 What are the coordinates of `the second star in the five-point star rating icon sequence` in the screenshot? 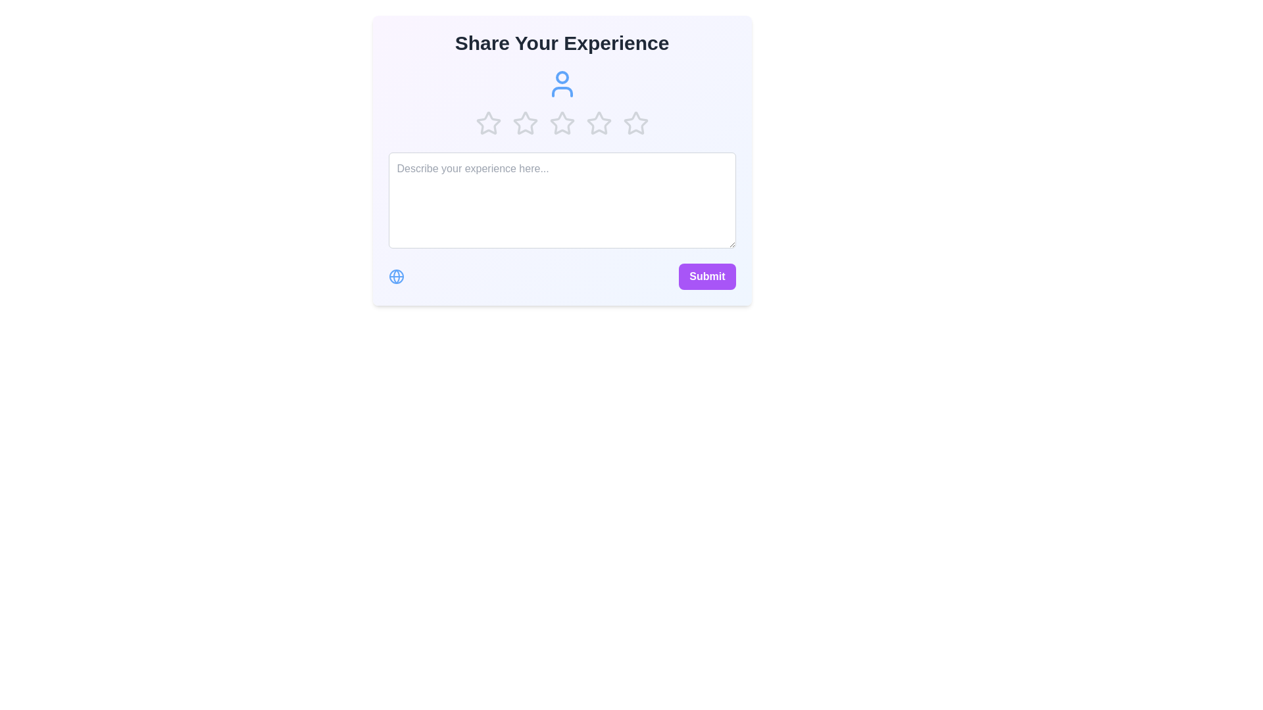 It's located at (524, 123).